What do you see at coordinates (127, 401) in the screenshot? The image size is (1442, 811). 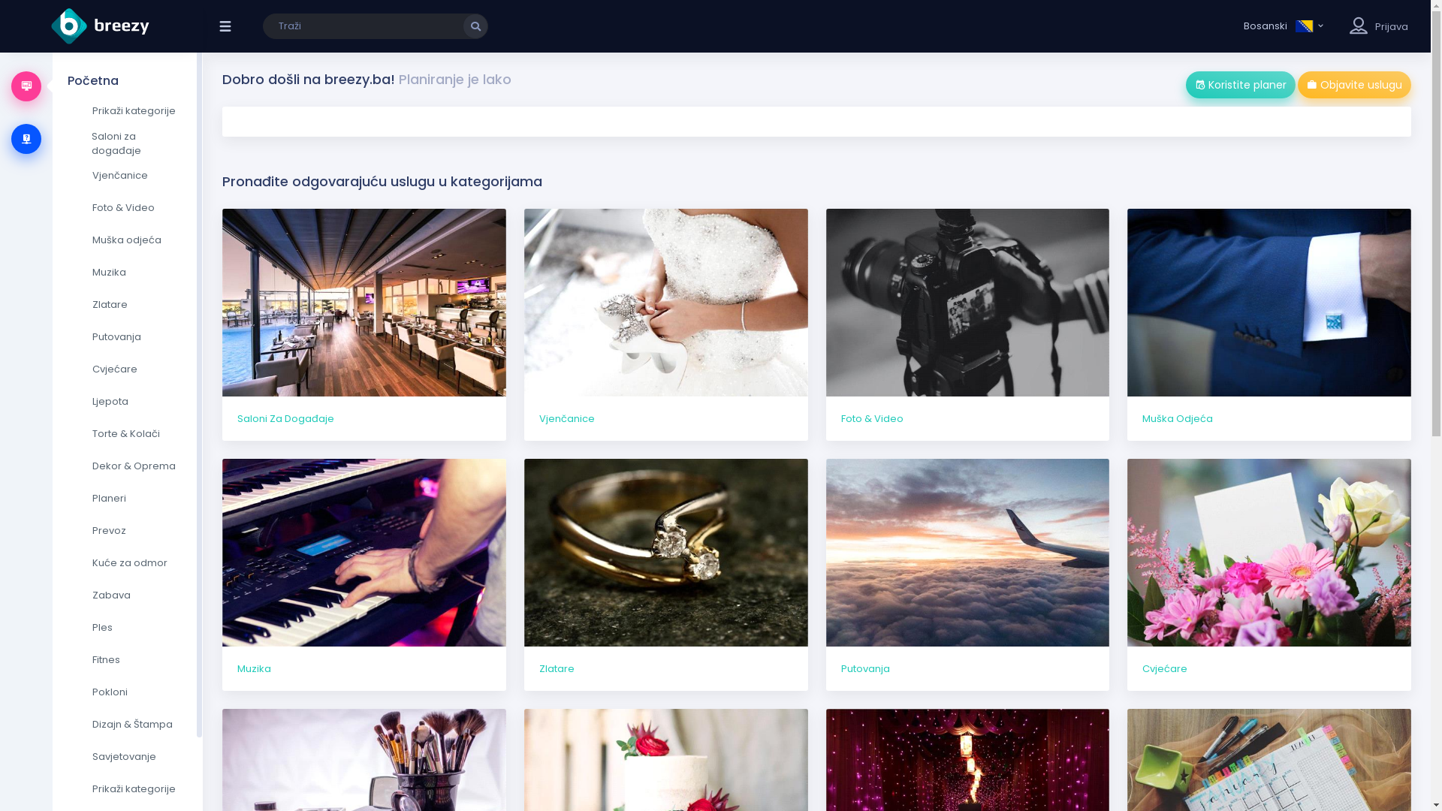 I see `'Ljepota'` at bounding box center [127, 401].